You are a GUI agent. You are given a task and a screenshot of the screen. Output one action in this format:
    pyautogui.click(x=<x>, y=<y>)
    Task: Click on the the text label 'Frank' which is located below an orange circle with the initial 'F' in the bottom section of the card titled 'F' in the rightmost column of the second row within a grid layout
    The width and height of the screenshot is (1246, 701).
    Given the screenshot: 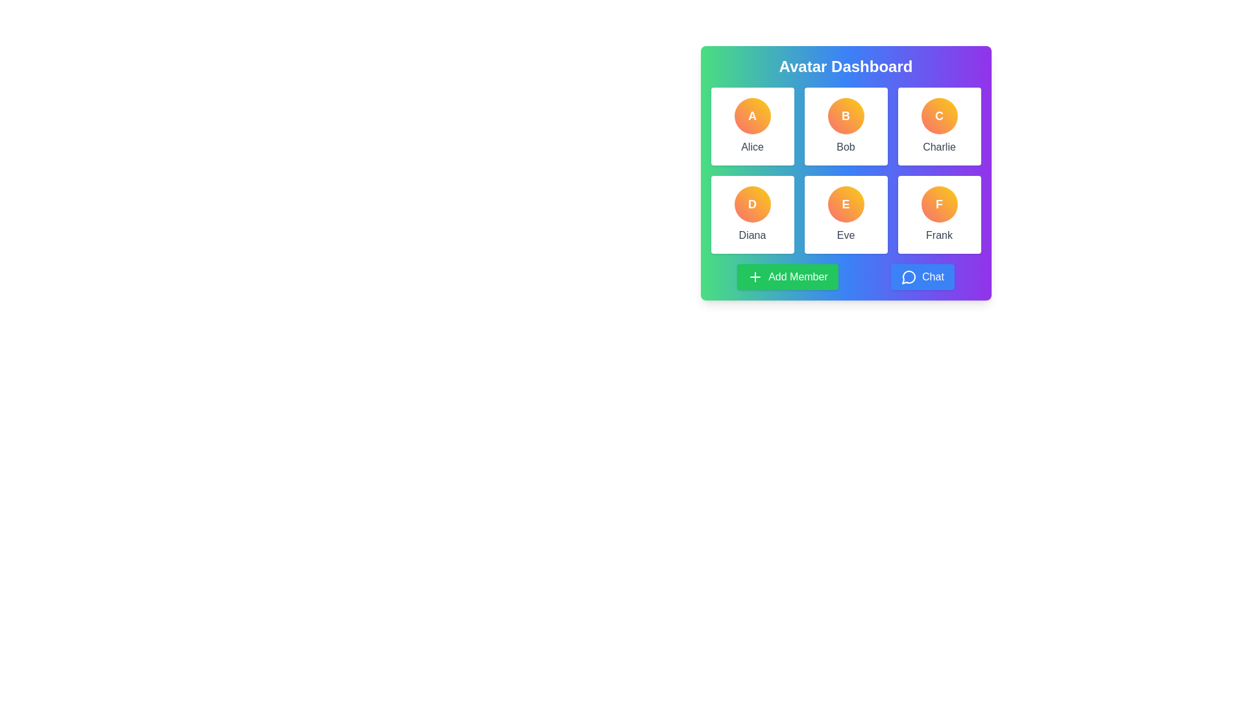 What is the action you would take?
    pyautogui.click(x=939, y=235)
    